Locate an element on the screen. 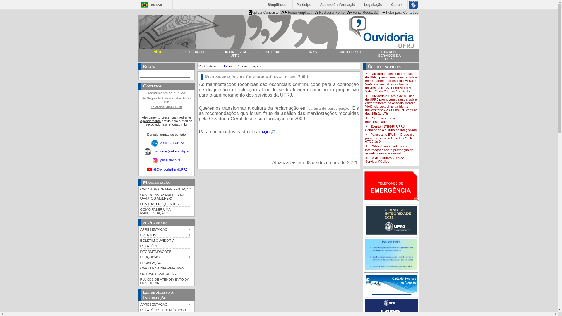  'LINKS' is located at coordinates (311, 51).